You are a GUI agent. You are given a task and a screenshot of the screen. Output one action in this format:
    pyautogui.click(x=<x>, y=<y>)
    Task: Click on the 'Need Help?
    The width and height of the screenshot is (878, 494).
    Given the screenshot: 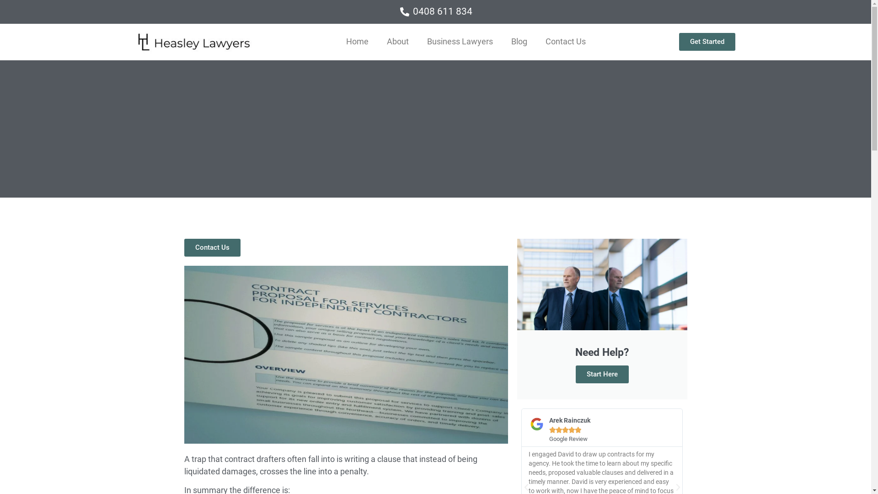 What is the action you would take?
    pyautogui.click(x=516, y=319)
    